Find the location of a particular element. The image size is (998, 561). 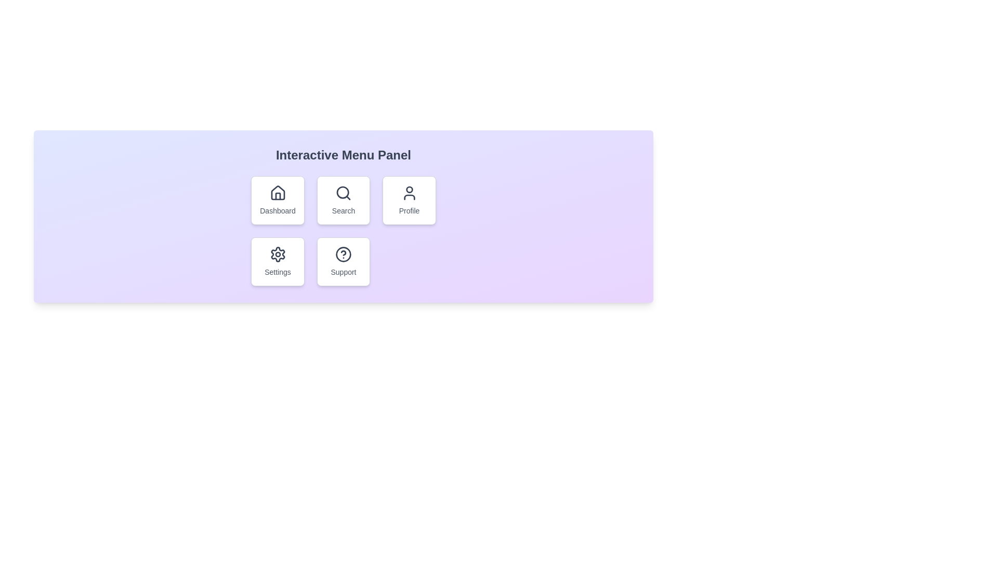

the text label displaying 'Settings', which is located below a gear icon in the interactive menu grid's third row, first column is located at coordinates (278, 272).